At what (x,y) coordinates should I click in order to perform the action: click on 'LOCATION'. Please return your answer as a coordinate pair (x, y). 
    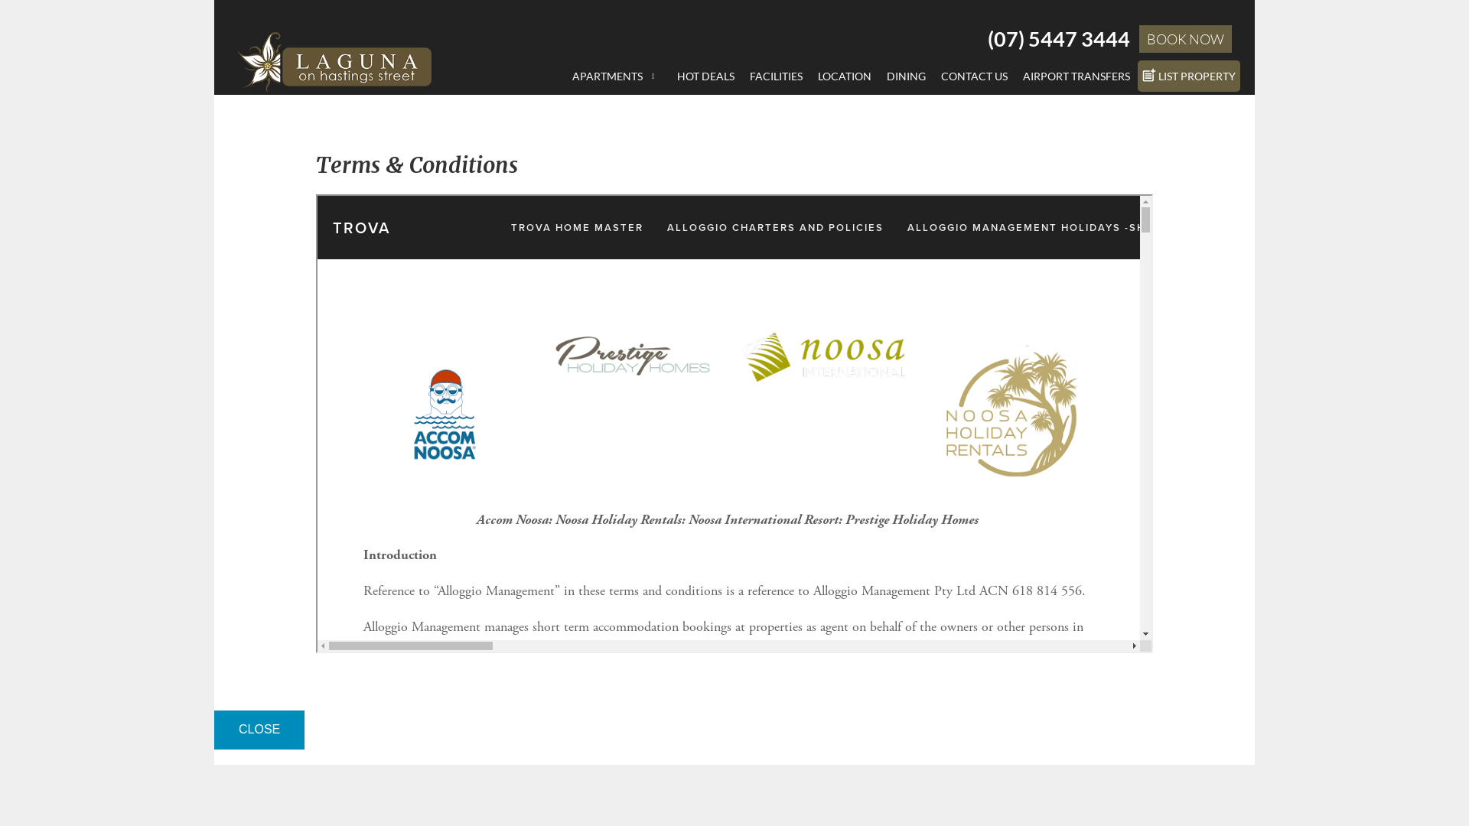
    Looking at the image, I should click on (809, 76).